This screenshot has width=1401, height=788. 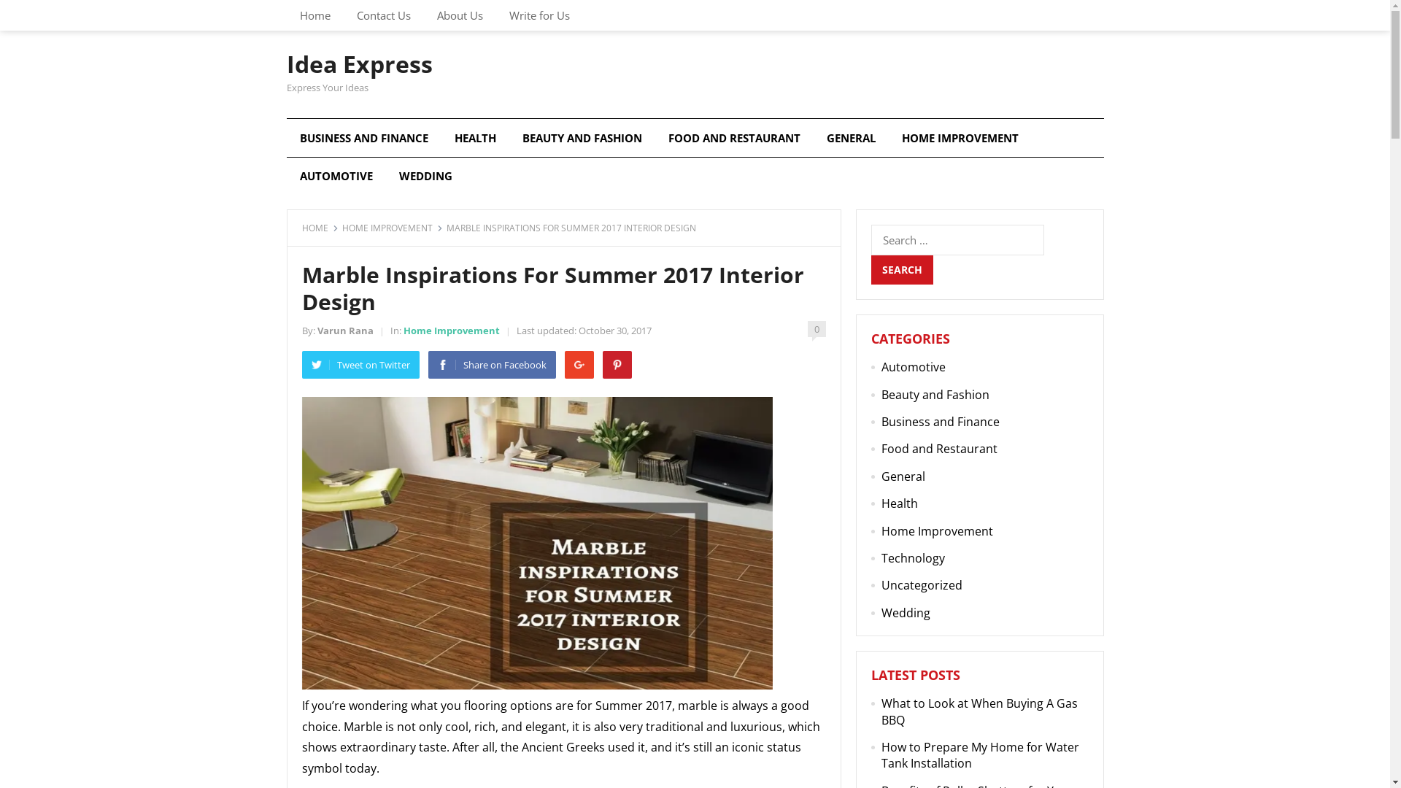 What do you see at coordinates (979, 711) in the screenshot?
I see `'What to Look at When Buying A Gas BBQ'` at bounding box center [979, 711].